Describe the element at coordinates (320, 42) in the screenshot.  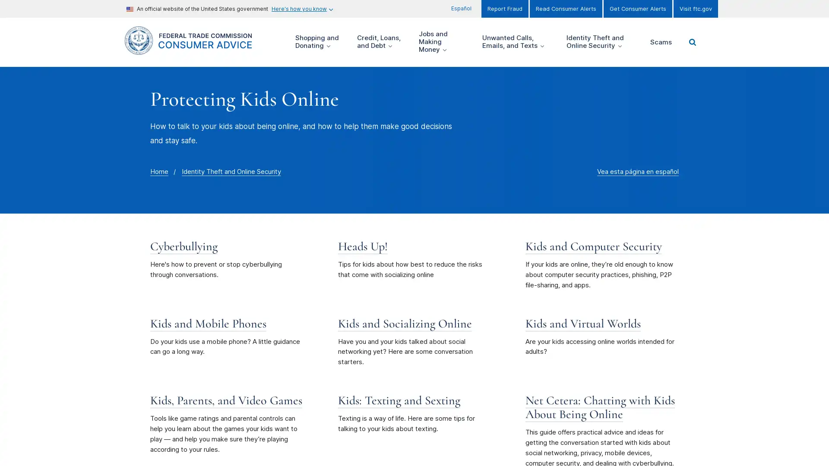
I see `Show/hide Shopping and Donating menu items` at that location.